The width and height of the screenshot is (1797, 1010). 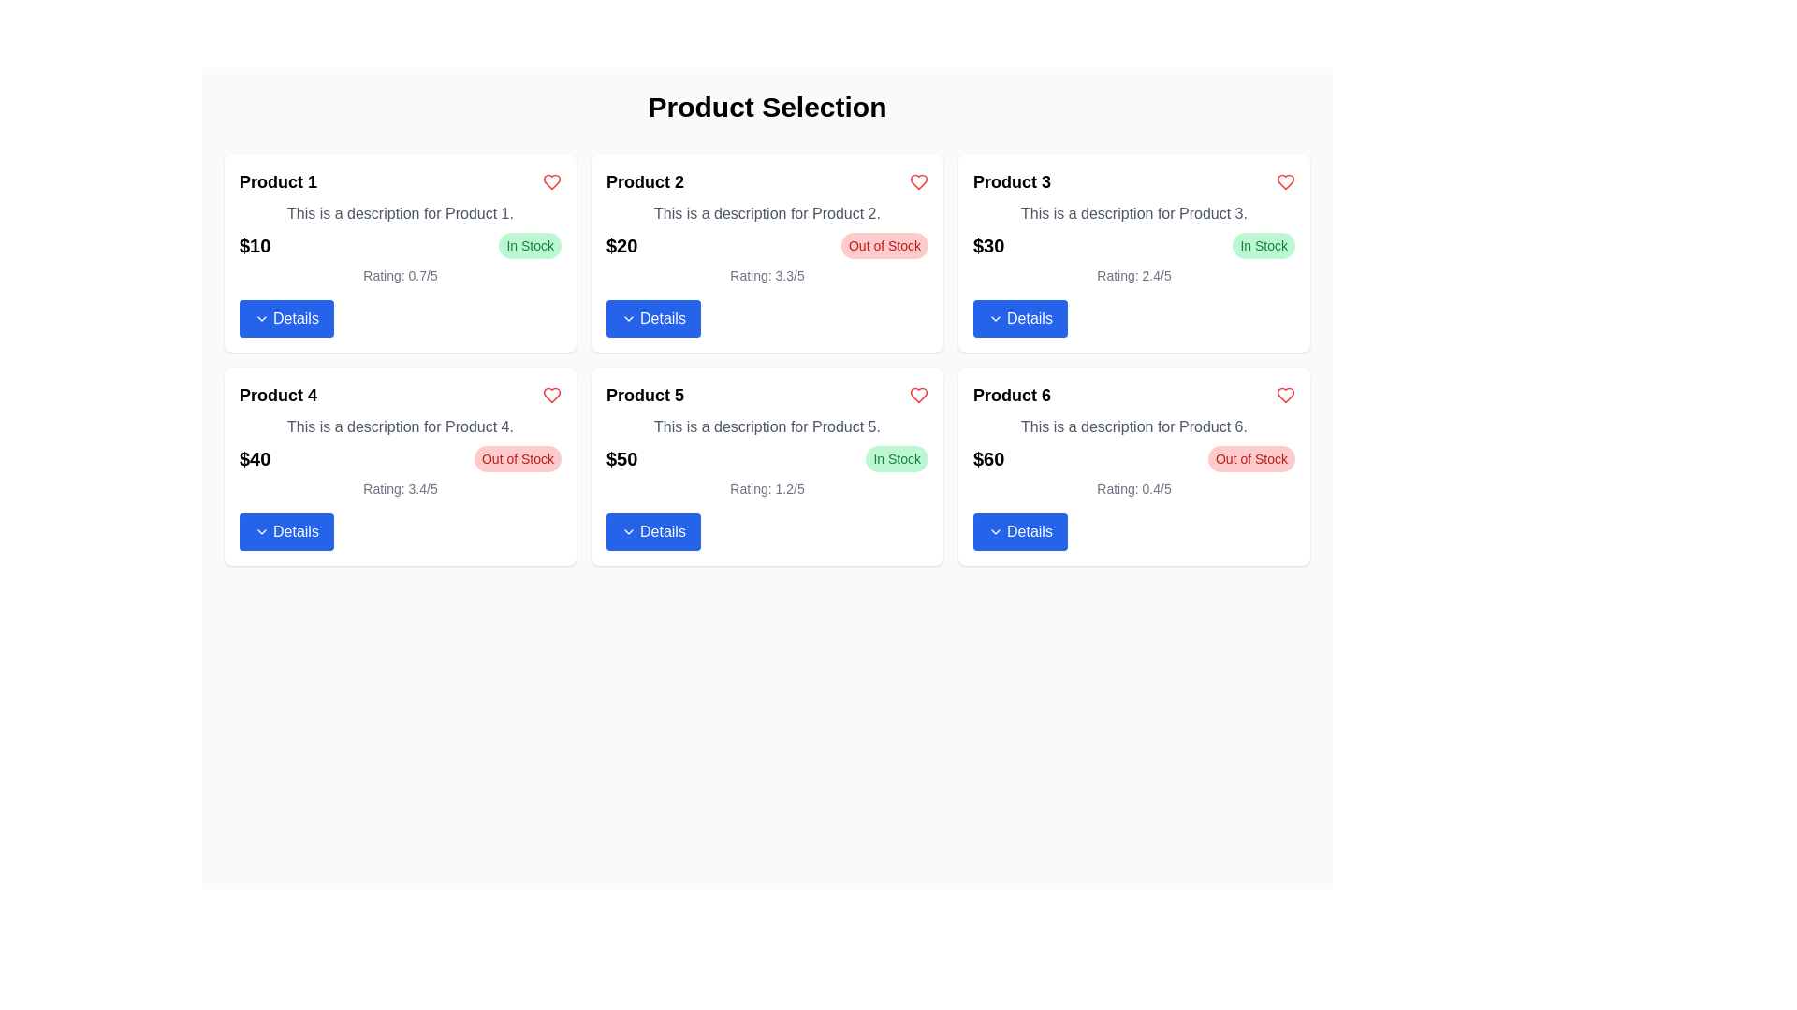 I want to click on the text element displaying "$40" located in the bottom left corner of the "Product 4" section, aligned to the left of the 'Out of Stock' badge, so click(x=254, y=458).